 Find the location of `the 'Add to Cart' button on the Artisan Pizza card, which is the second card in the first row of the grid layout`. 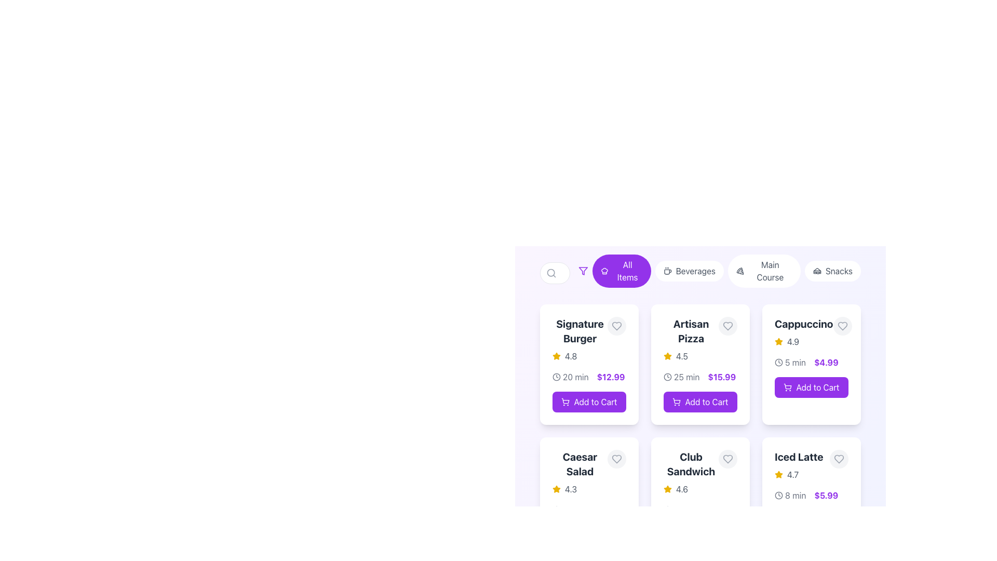

the 'Add to Cart' button on the Artisan Pizza card, which is the second card in the first row of the grid layout is located at coordinates (700, 369).